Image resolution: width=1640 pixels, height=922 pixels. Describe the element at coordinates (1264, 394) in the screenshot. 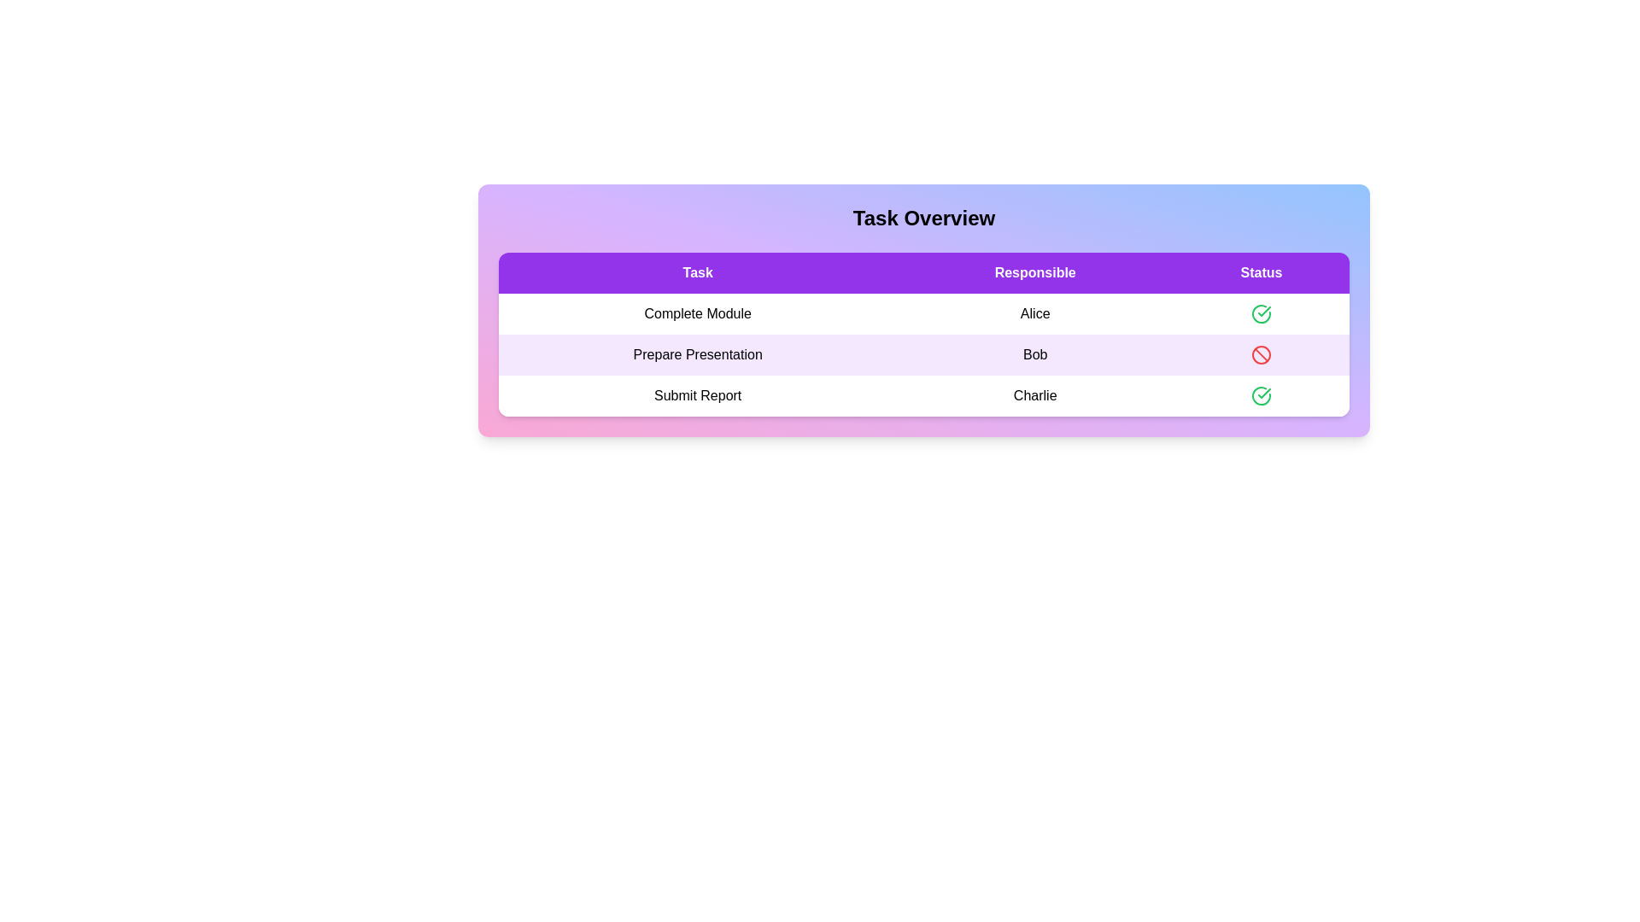

I see `the SVG icon representing a checkmark in the 'Status' column for the task assigned to 'Alice'` at that location.